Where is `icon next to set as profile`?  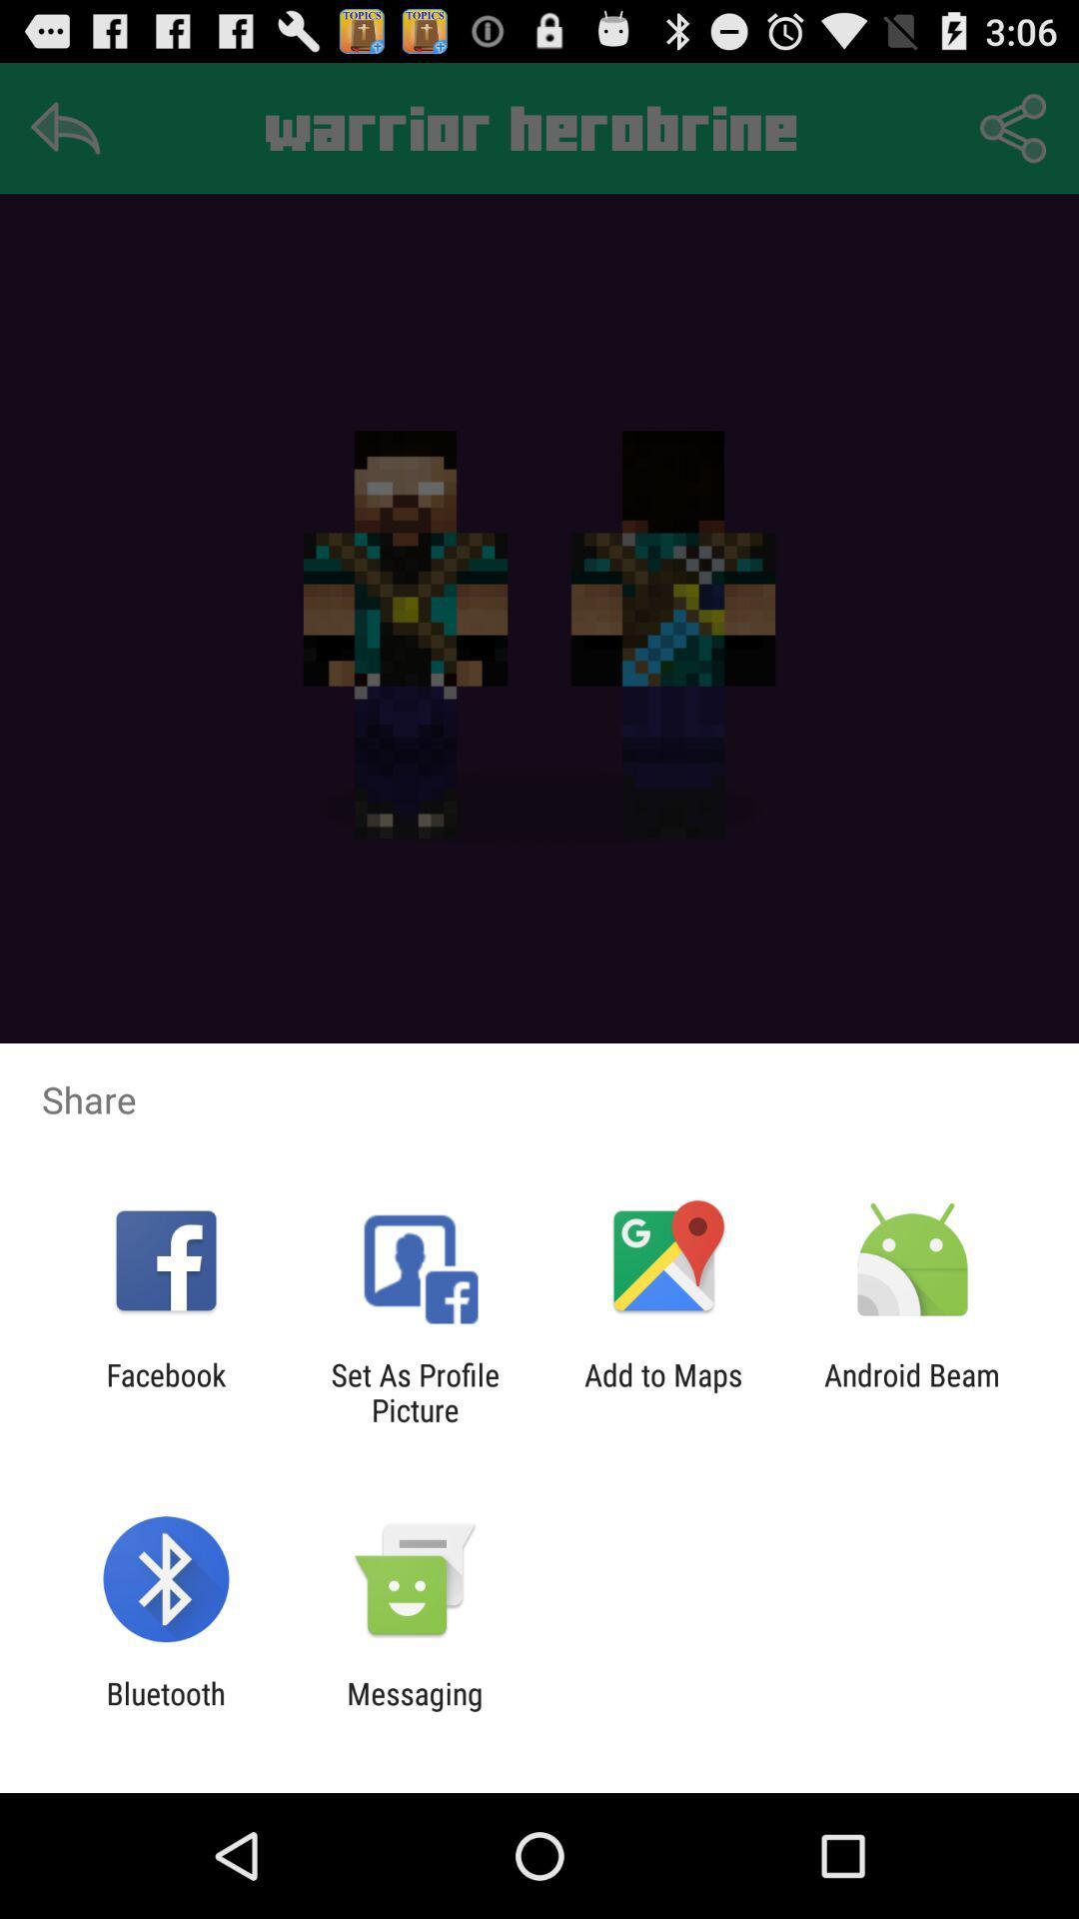 icon next to set as profile is located at coordinates (165, 1391).